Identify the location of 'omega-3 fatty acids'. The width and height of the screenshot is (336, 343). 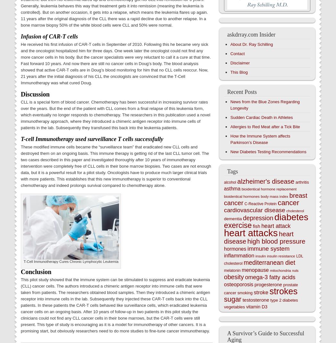
(270, 277).